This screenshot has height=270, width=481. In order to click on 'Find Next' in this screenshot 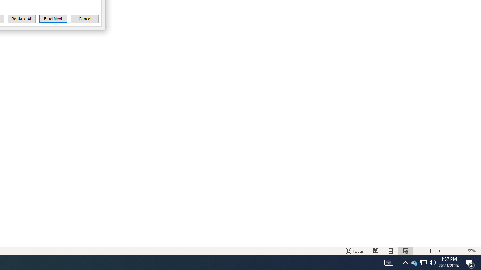, I will do `click(53, 18)`.